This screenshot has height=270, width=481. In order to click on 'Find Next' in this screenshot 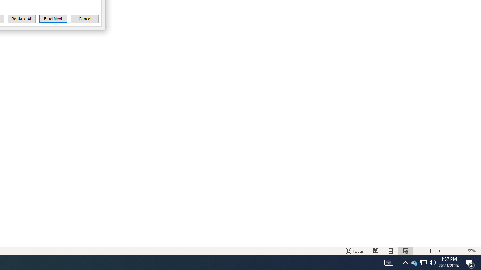, I will do `click(53, 18)`.